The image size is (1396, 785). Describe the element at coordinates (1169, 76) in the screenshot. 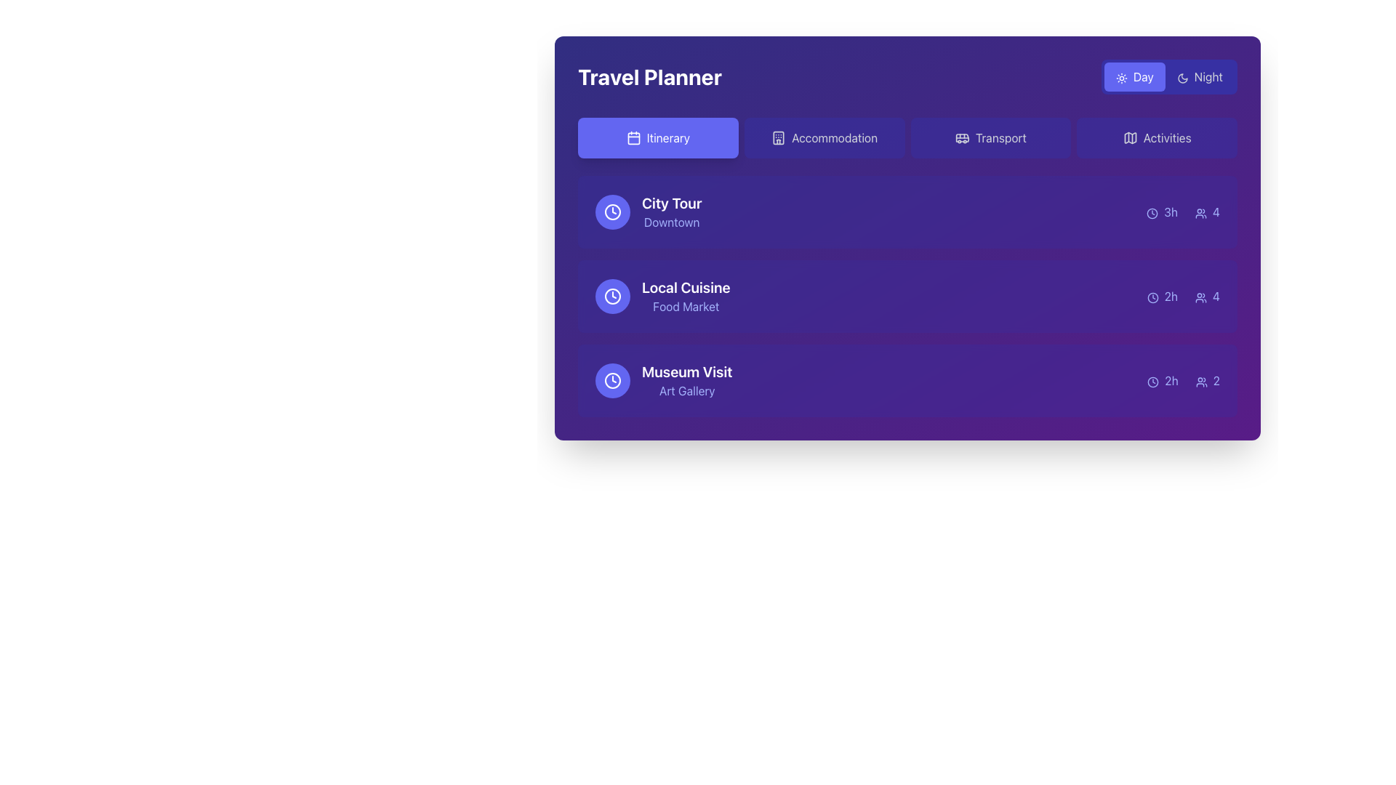

I see `the Toggle Button Group to switch between 'Day' and 'Night' modes` at that location.